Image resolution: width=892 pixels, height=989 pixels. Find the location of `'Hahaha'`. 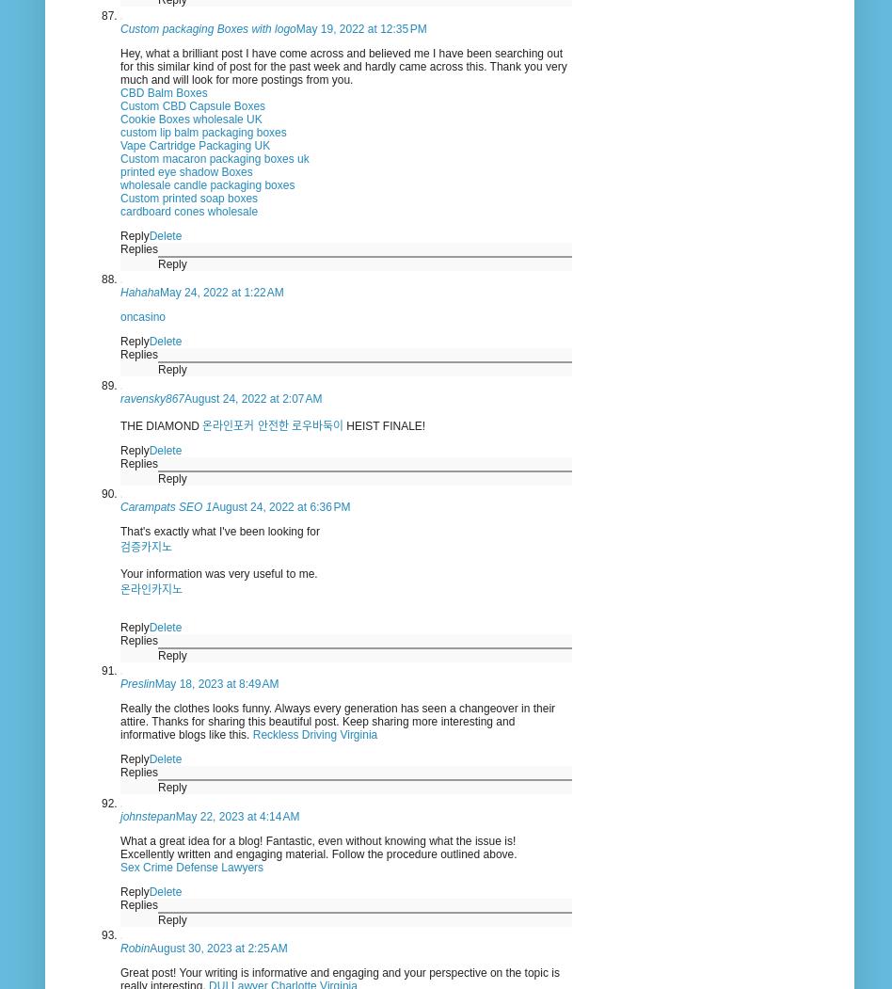

'Hahaha' is located at coordinates (139, 291).